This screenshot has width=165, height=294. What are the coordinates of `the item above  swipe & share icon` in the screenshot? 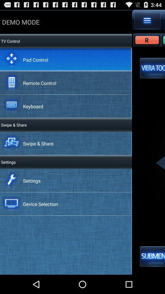 It's located at (33, 106).